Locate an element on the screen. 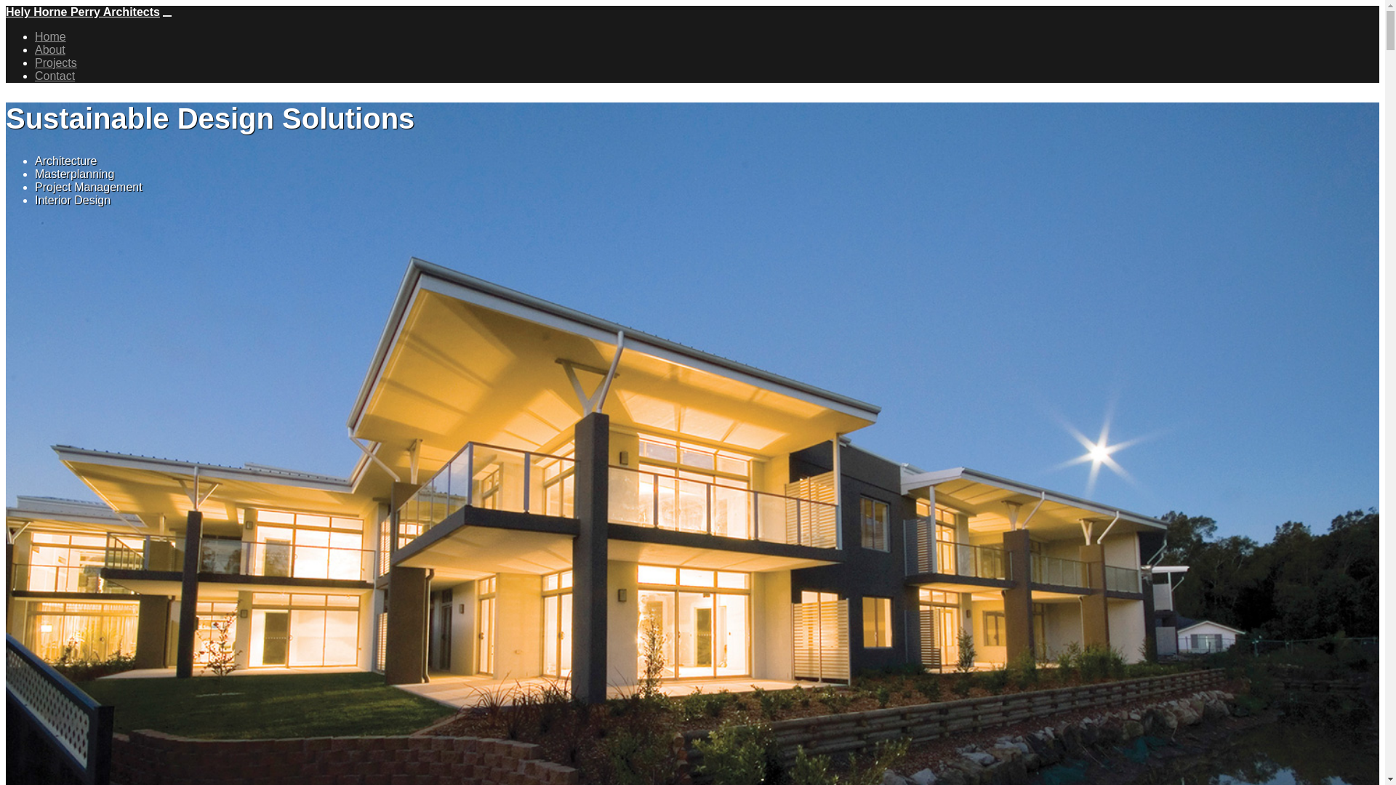 The width and height of the screenshot is (1396, 785). 'Contact' is located at coordinates (55, 76).